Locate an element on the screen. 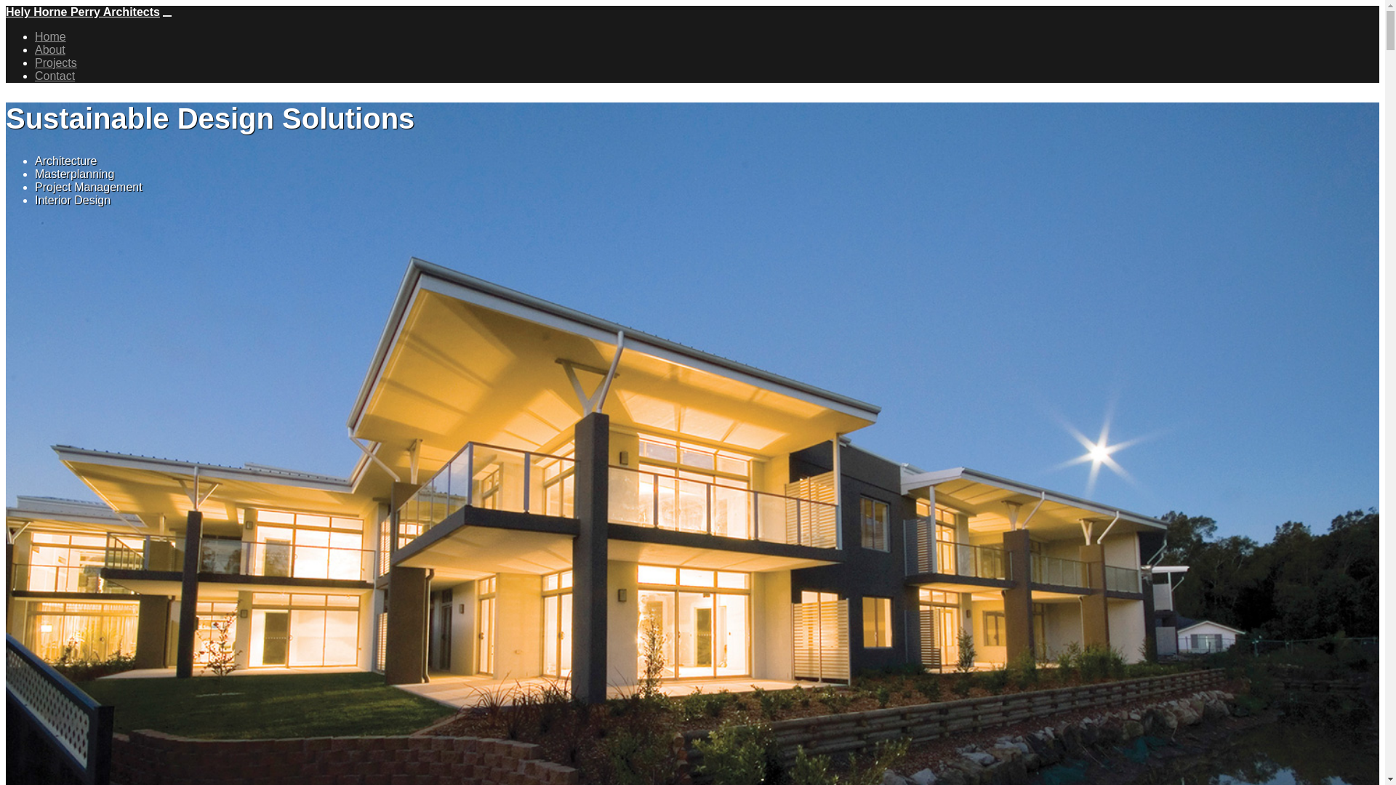 The width and height of the screenshot is (1396, 785). 'Contact' is located at coordinates (55, 76).